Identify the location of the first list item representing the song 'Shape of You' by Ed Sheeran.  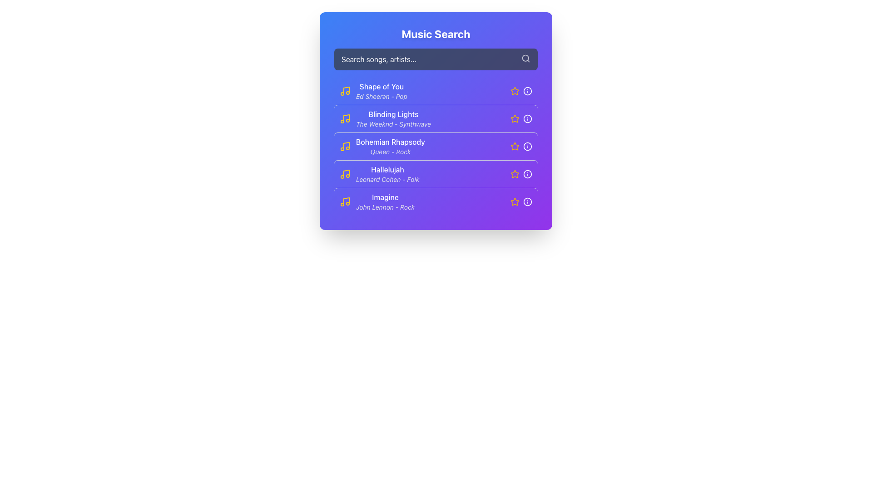
(373, 91).